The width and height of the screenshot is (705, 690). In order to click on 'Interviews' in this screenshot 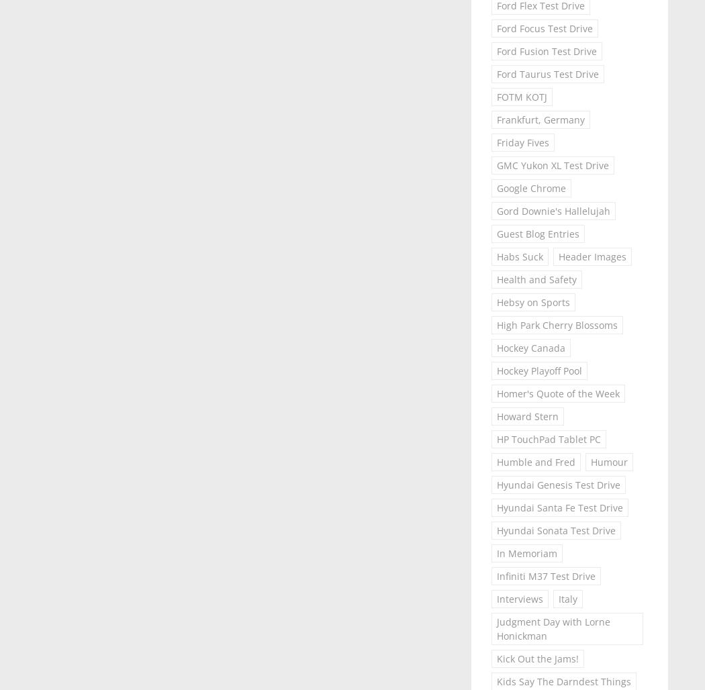, I will do `click(519, 598)`.